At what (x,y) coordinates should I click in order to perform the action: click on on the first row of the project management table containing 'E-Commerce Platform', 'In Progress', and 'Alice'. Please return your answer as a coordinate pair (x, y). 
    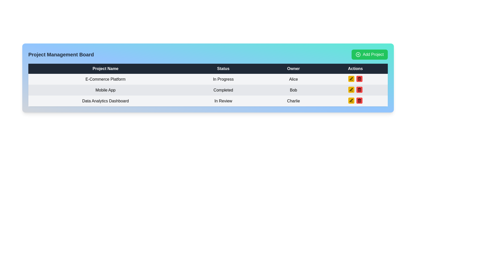
    Looking at the image, I should click on (208, 79).